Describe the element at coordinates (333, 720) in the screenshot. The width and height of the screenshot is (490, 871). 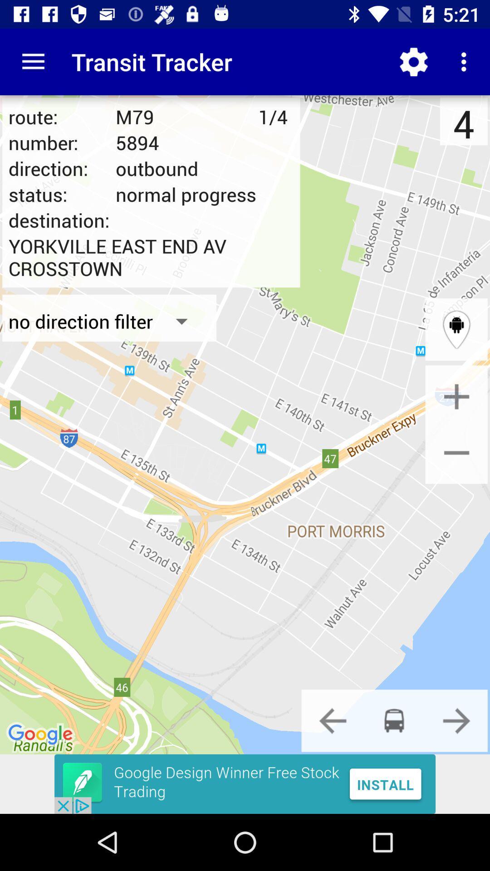
I see `change form of transporttion` at that location.